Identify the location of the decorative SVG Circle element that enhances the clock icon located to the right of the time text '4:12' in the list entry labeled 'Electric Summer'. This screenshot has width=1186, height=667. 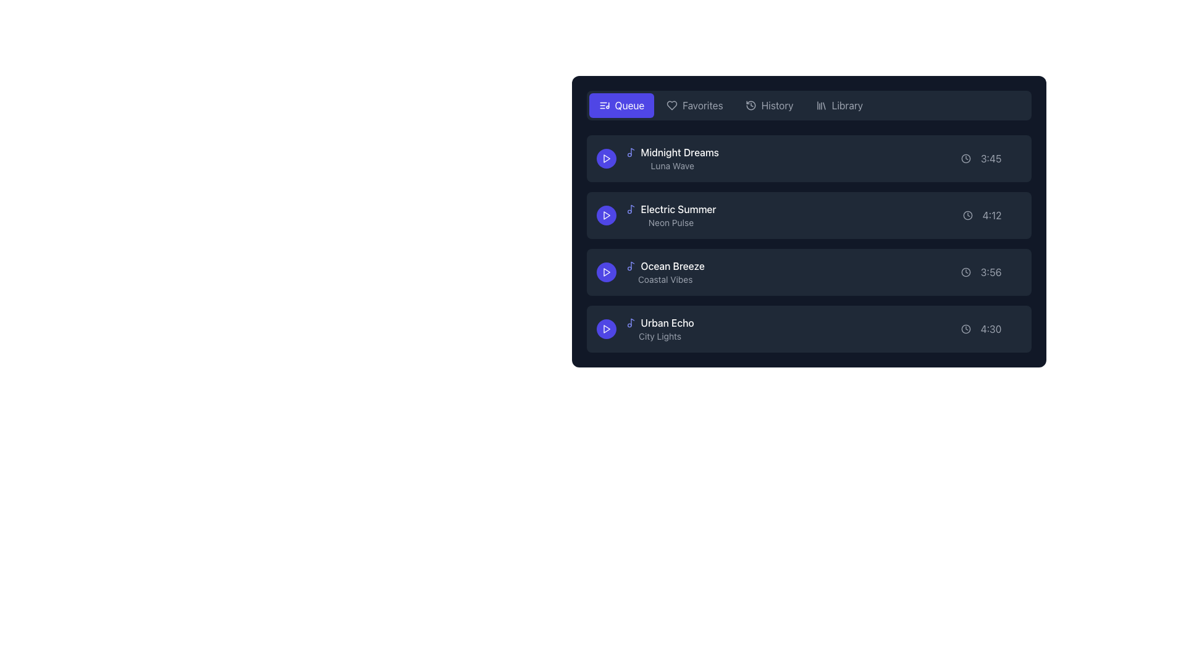
(967, 214).